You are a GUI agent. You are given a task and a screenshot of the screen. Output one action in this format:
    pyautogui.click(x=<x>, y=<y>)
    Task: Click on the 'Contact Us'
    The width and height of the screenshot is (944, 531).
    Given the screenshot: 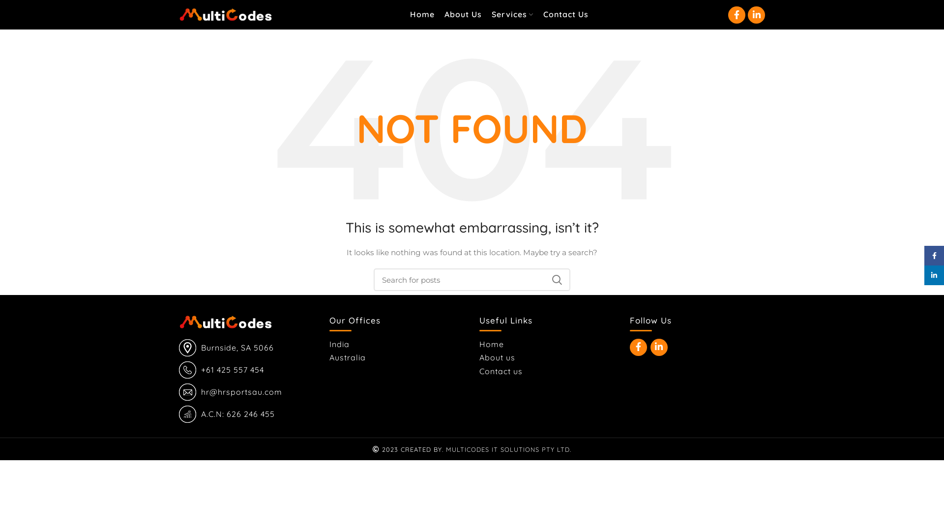 What is the action you would take?
    pyautogui.click(x=565, y=15)
    